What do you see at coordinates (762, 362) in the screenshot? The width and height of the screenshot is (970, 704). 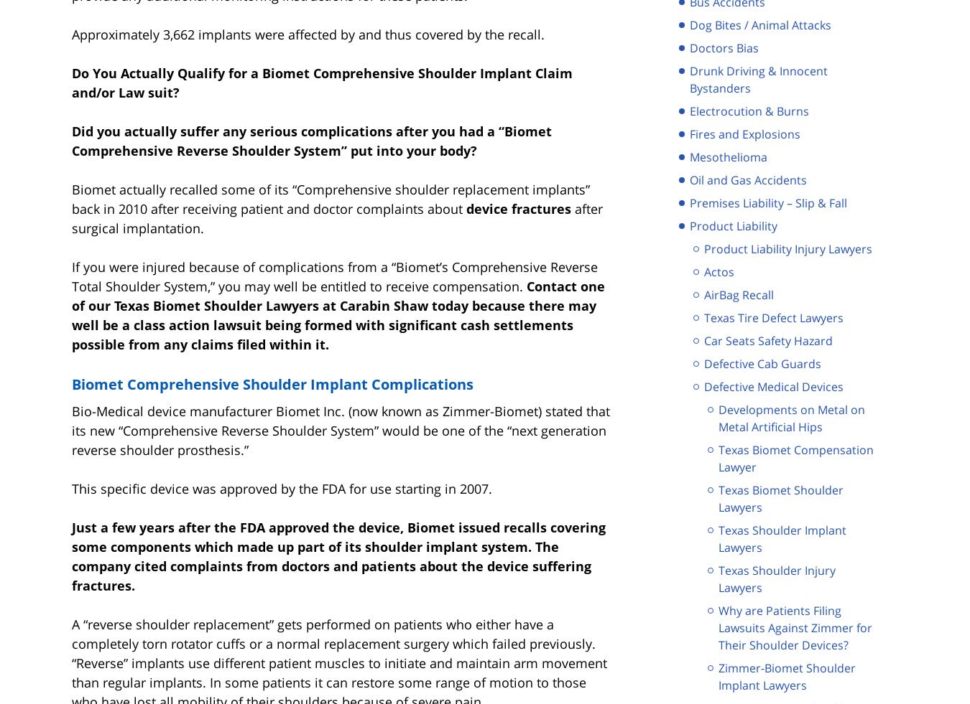 I see `'Defective Cab Guards'` at bounding box center [762, 362].